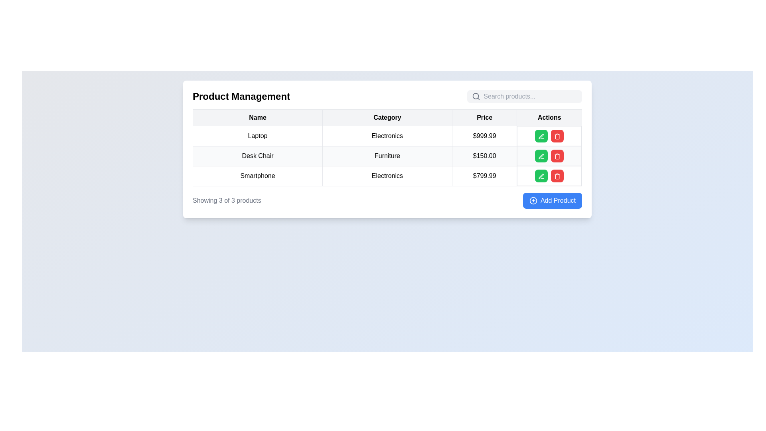 This screenshot has width=766, height=431. Describe the element at coordinates (557, 156) in the screenshot. I see `the trash bin icon button with a red background and white graphic in the 'Actions' column` at that location.